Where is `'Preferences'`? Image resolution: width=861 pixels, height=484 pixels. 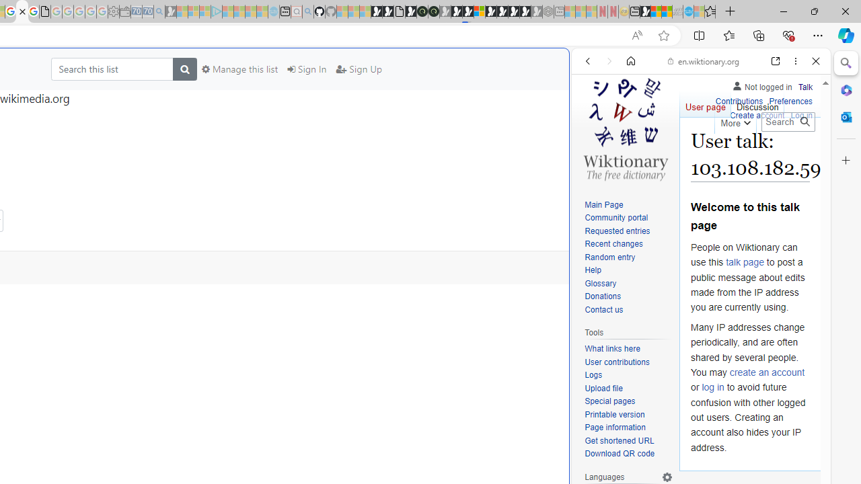 'Preferences' is located at coordinates (790, 101).